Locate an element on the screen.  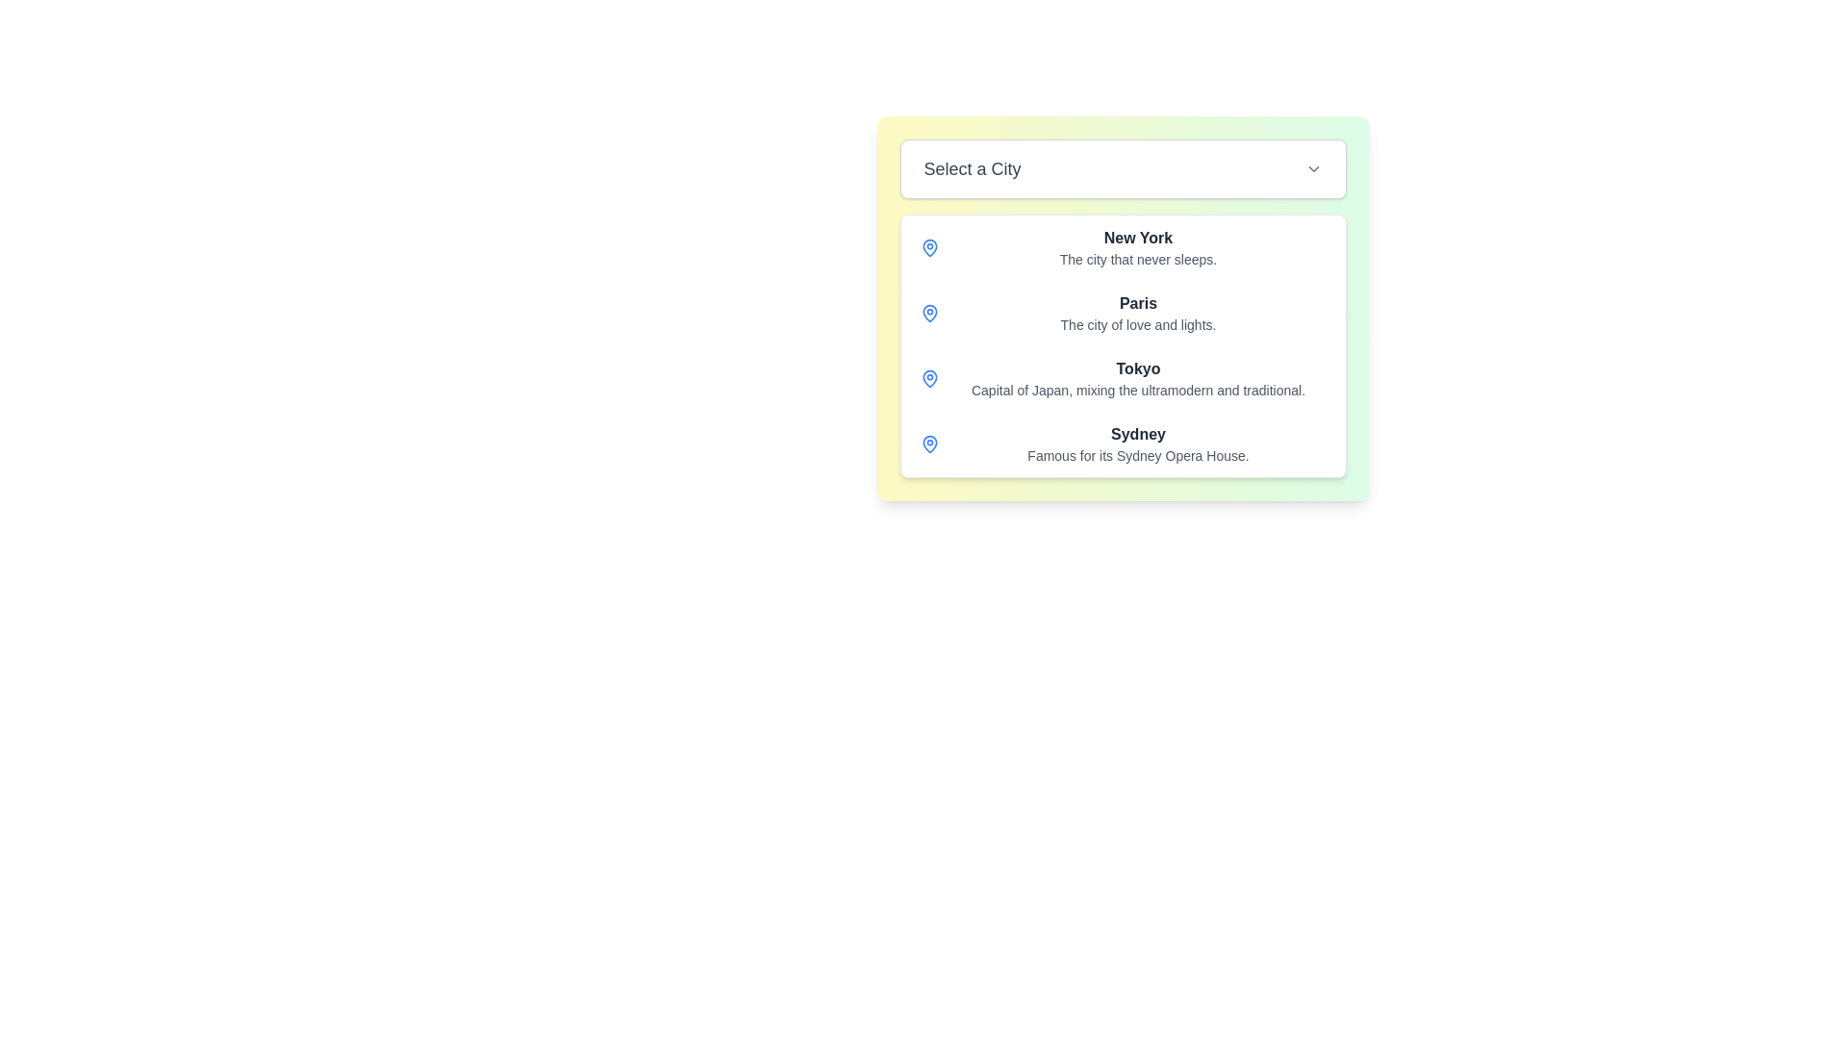
the text display element that shows 'Sydney' in bold font and dark gray color, which is the fourth item in the list of city options is located at coordinates (1138, 434).